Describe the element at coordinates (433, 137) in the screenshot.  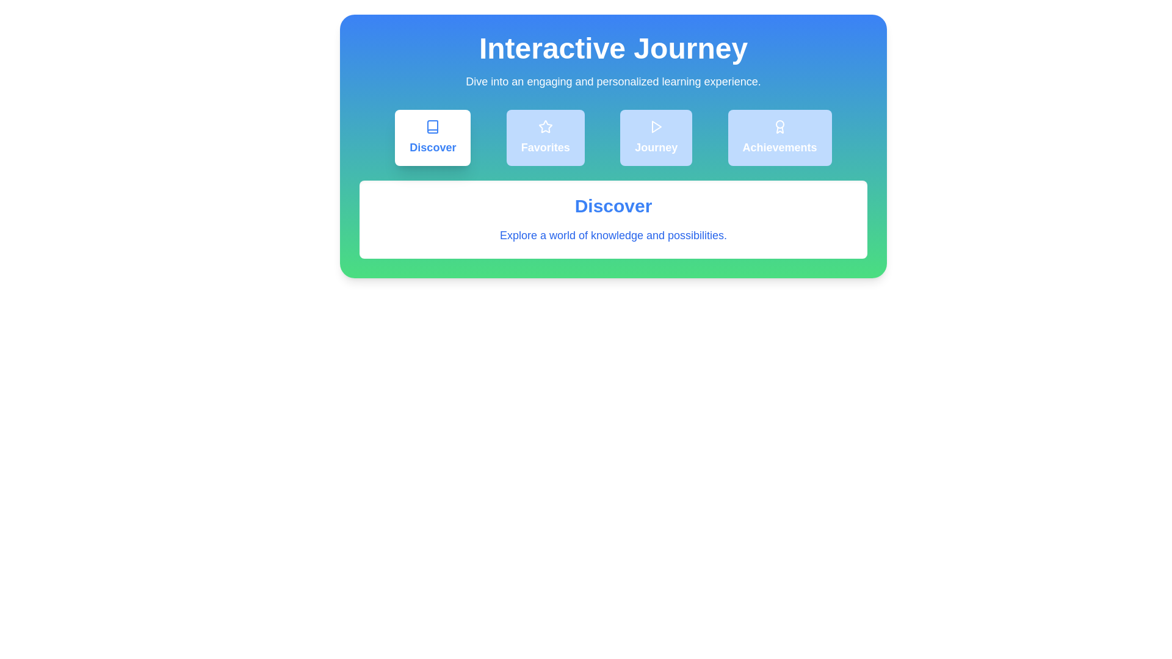
I see `the Discover tab to view its content` at that location.